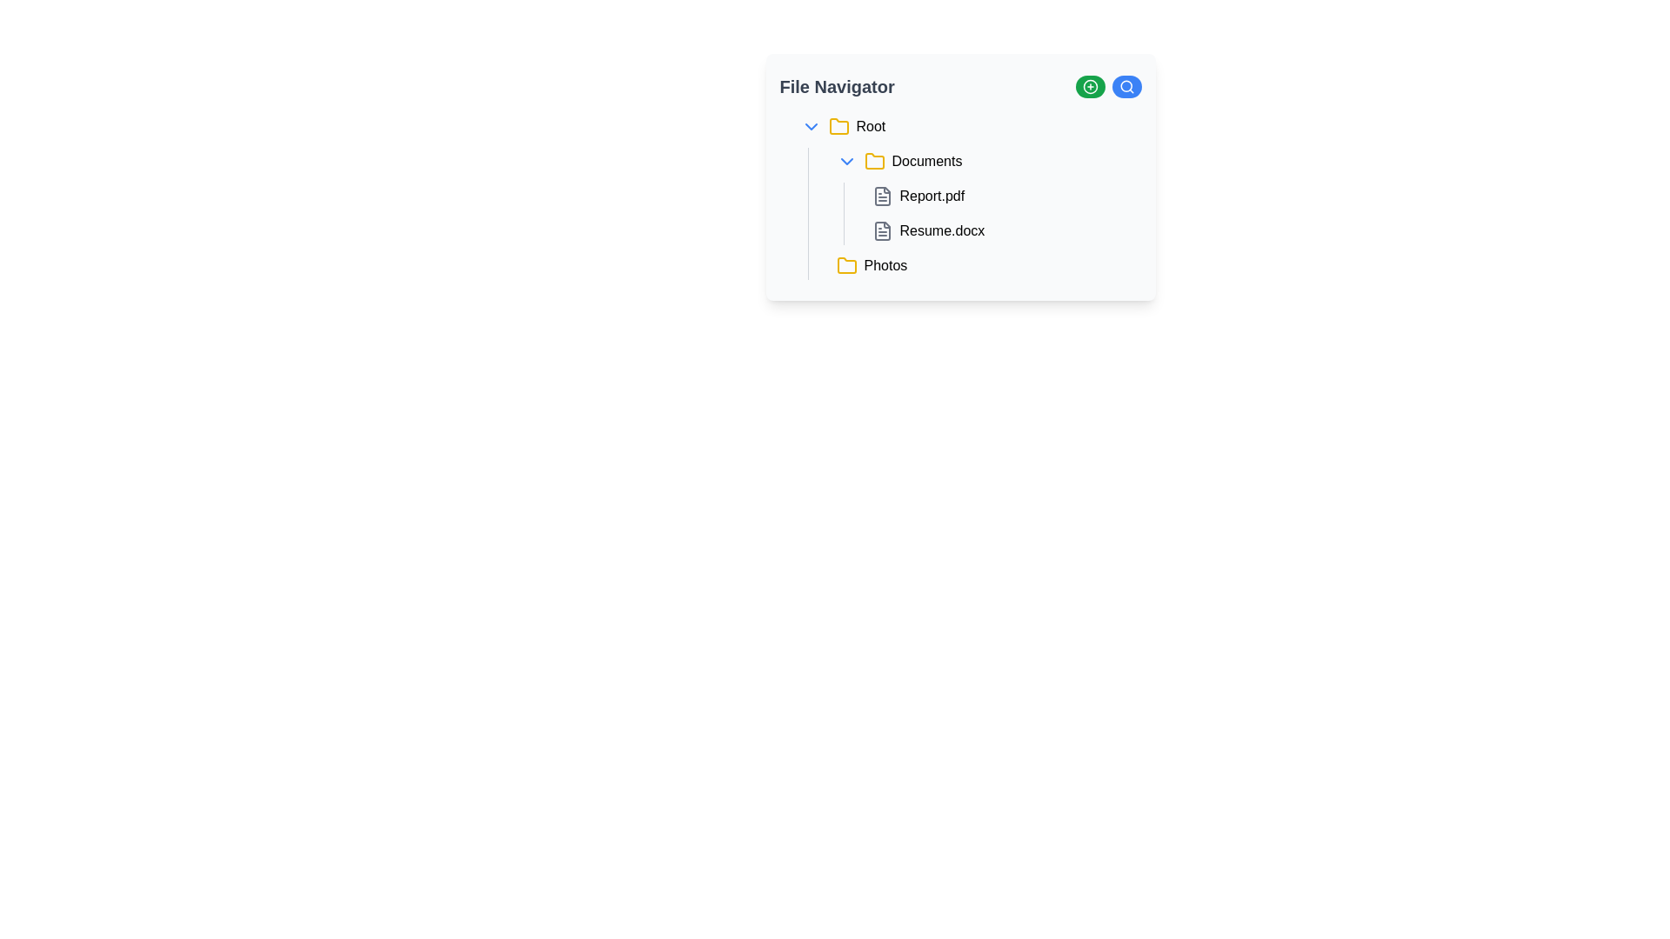  What do you see at coordinates (1003, 196) in the screenshot?
I see `the file entry labeled 'Report.pdf'` at bounding box center [1003, 196].